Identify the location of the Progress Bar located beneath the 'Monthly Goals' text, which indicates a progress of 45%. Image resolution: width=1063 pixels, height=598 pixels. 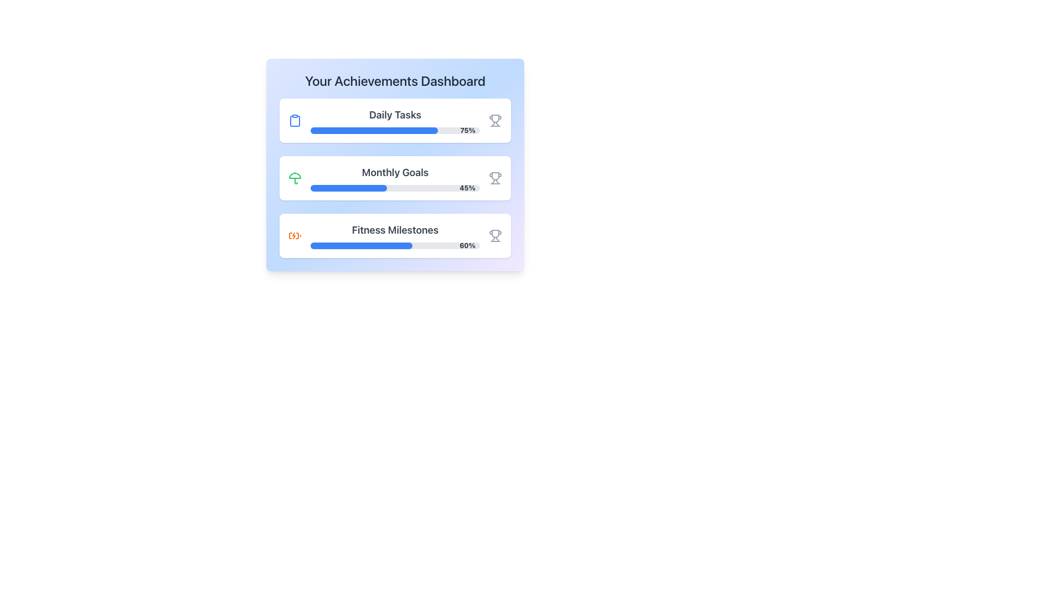
(395, 187).